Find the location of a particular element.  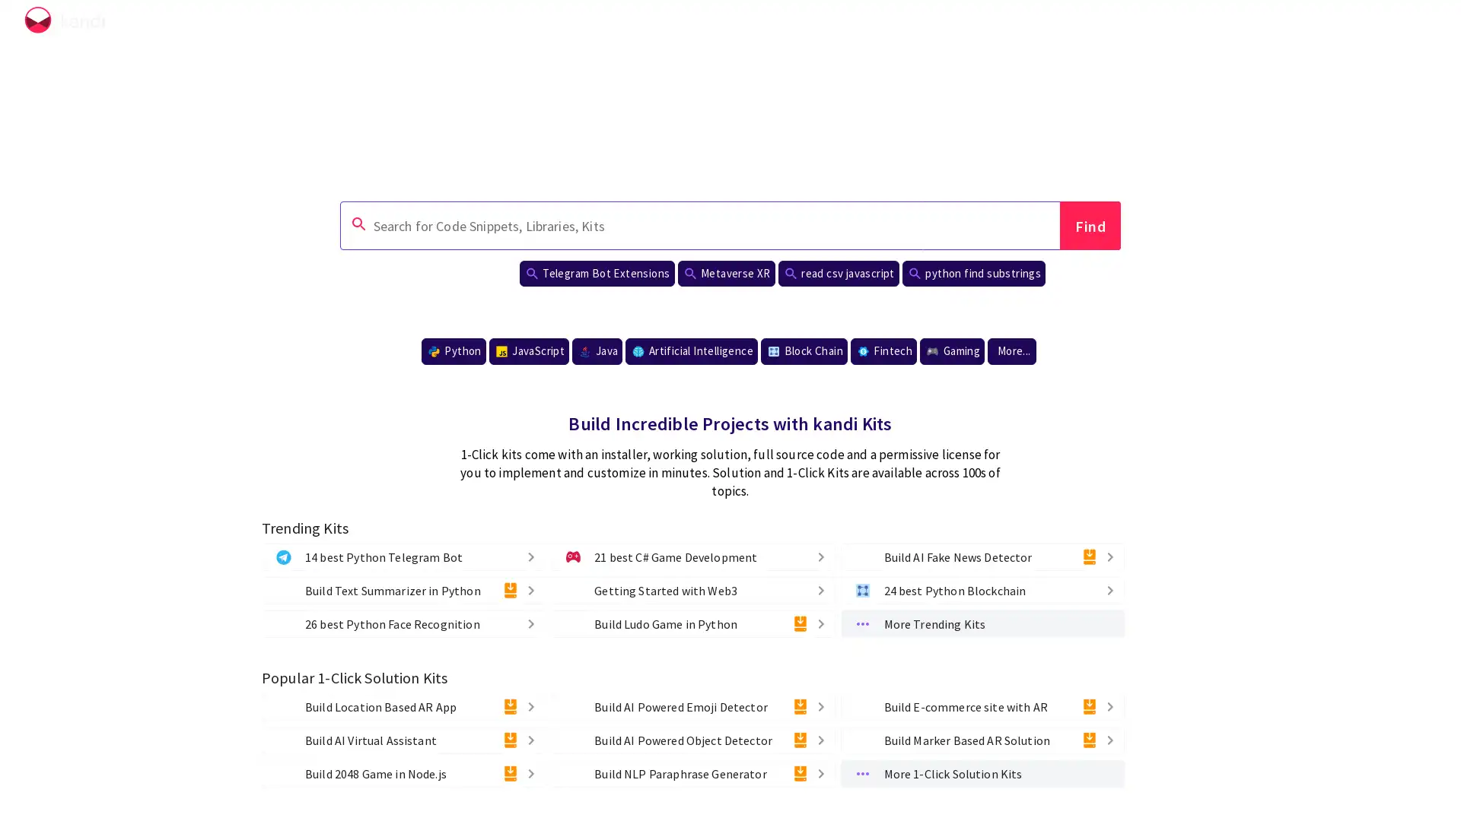

paraphrase-generator1 Build NLP Paraphrase Generator is located at coordinates (692, 773).